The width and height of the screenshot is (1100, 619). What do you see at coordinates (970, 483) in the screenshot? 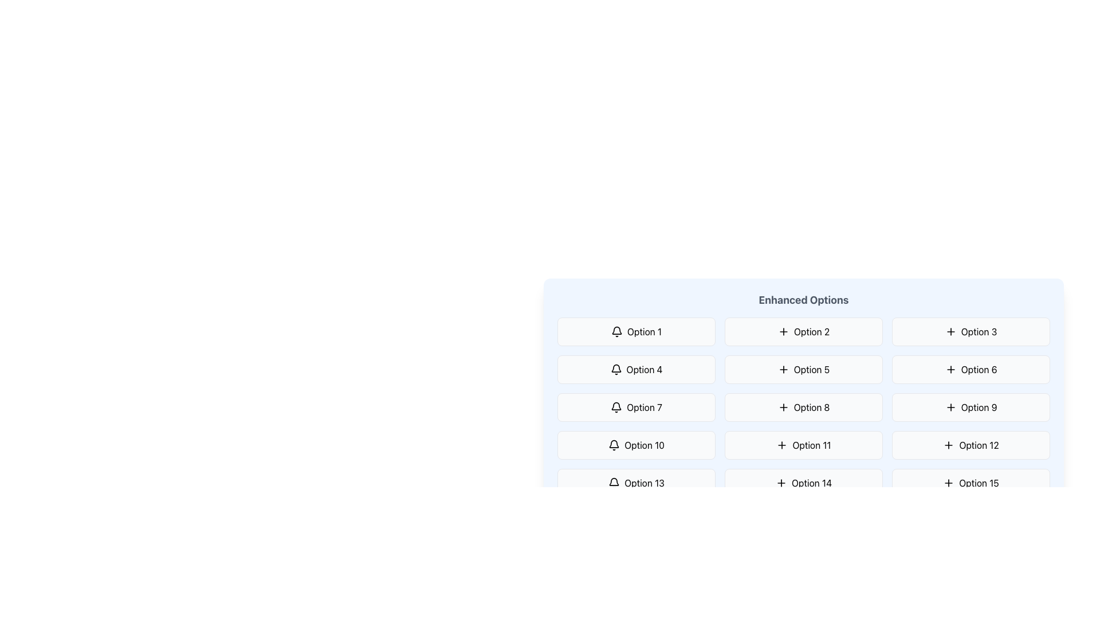
I see `the keyboard navigation on the 'Option 15' button located in the bottom-right corner of the grid layout` at bounding box center [970, 483].